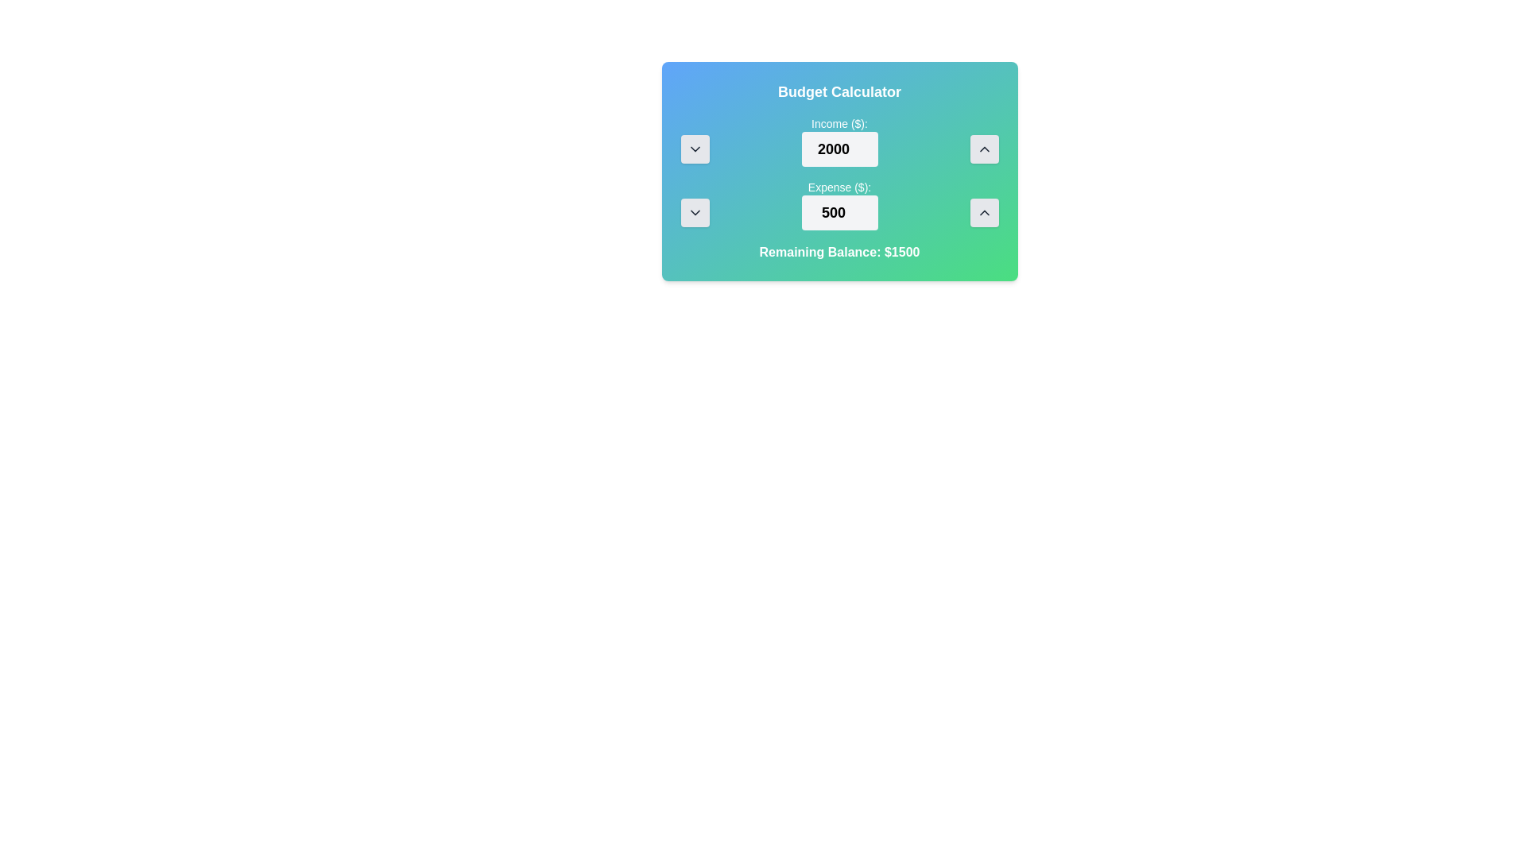  I want to click on the small triangular upward-pointing arrow icon on the Budget Calculator interface to increment a value, so click(983, 149).